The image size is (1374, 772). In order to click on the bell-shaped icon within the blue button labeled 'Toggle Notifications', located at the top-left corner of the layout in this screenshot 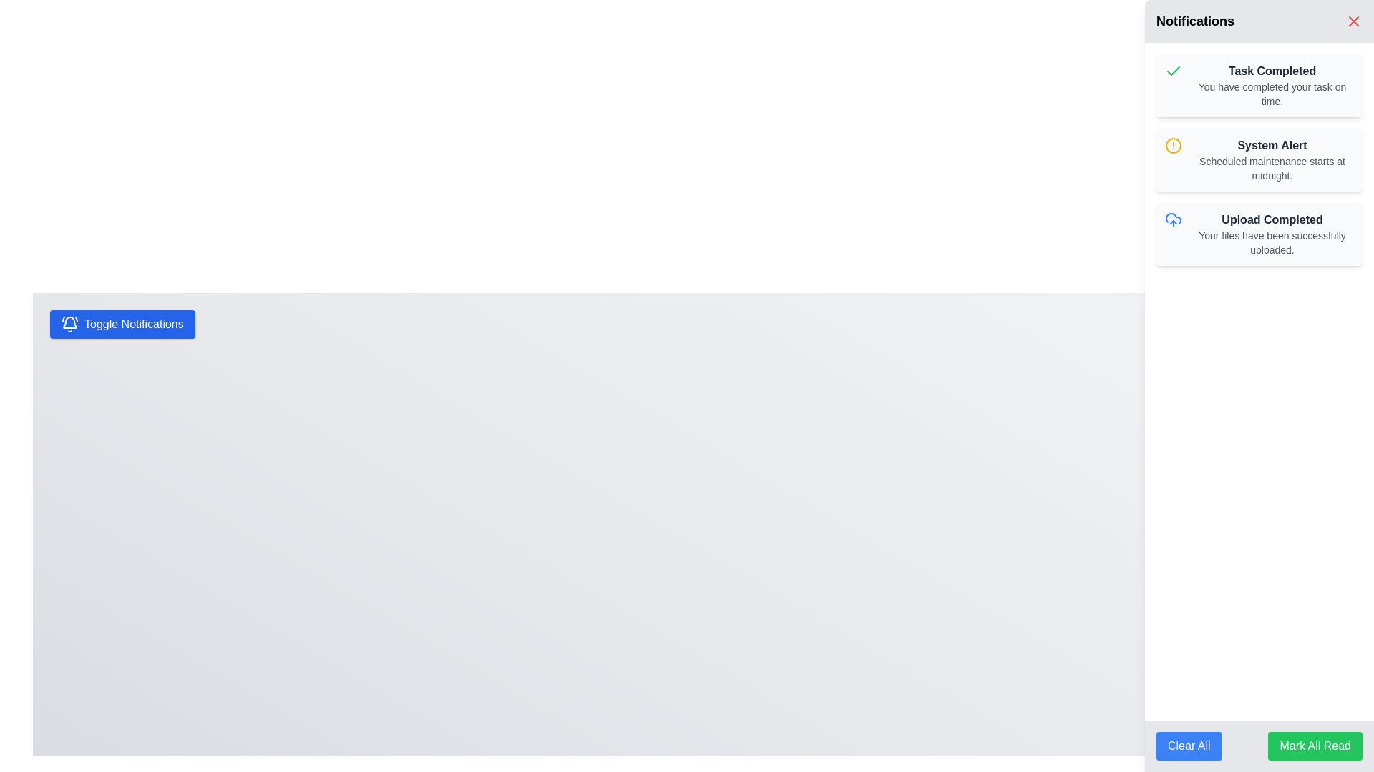, I will do `click(69, 322)`.